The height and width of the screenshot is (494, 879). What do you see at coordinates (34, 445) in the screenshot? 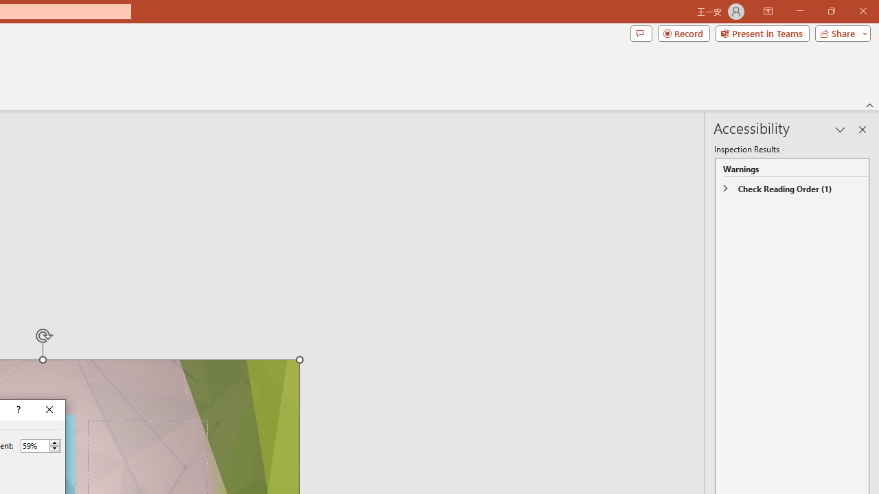
I see `'Percent'` at bounding box center [34, 445].